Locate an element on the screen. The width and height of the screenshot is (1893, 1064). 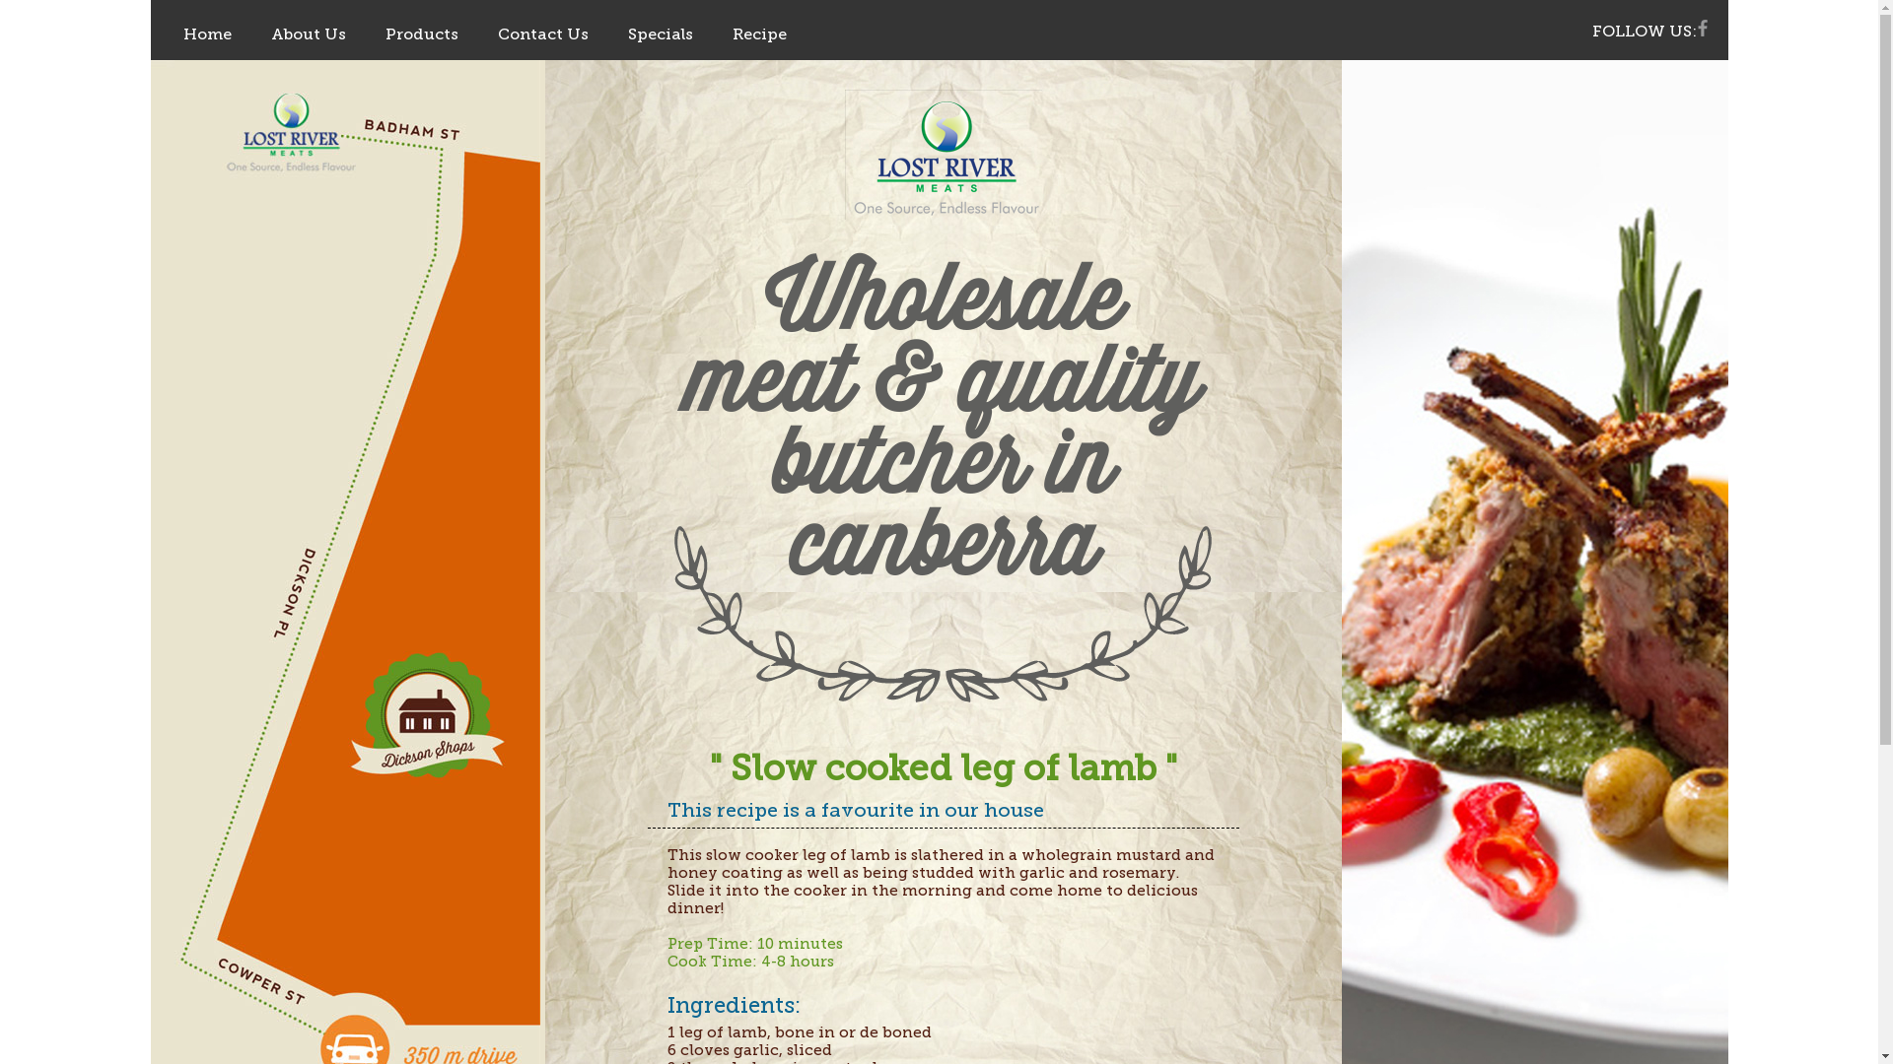
'Contact Us' is located at coordinates (542, 33).